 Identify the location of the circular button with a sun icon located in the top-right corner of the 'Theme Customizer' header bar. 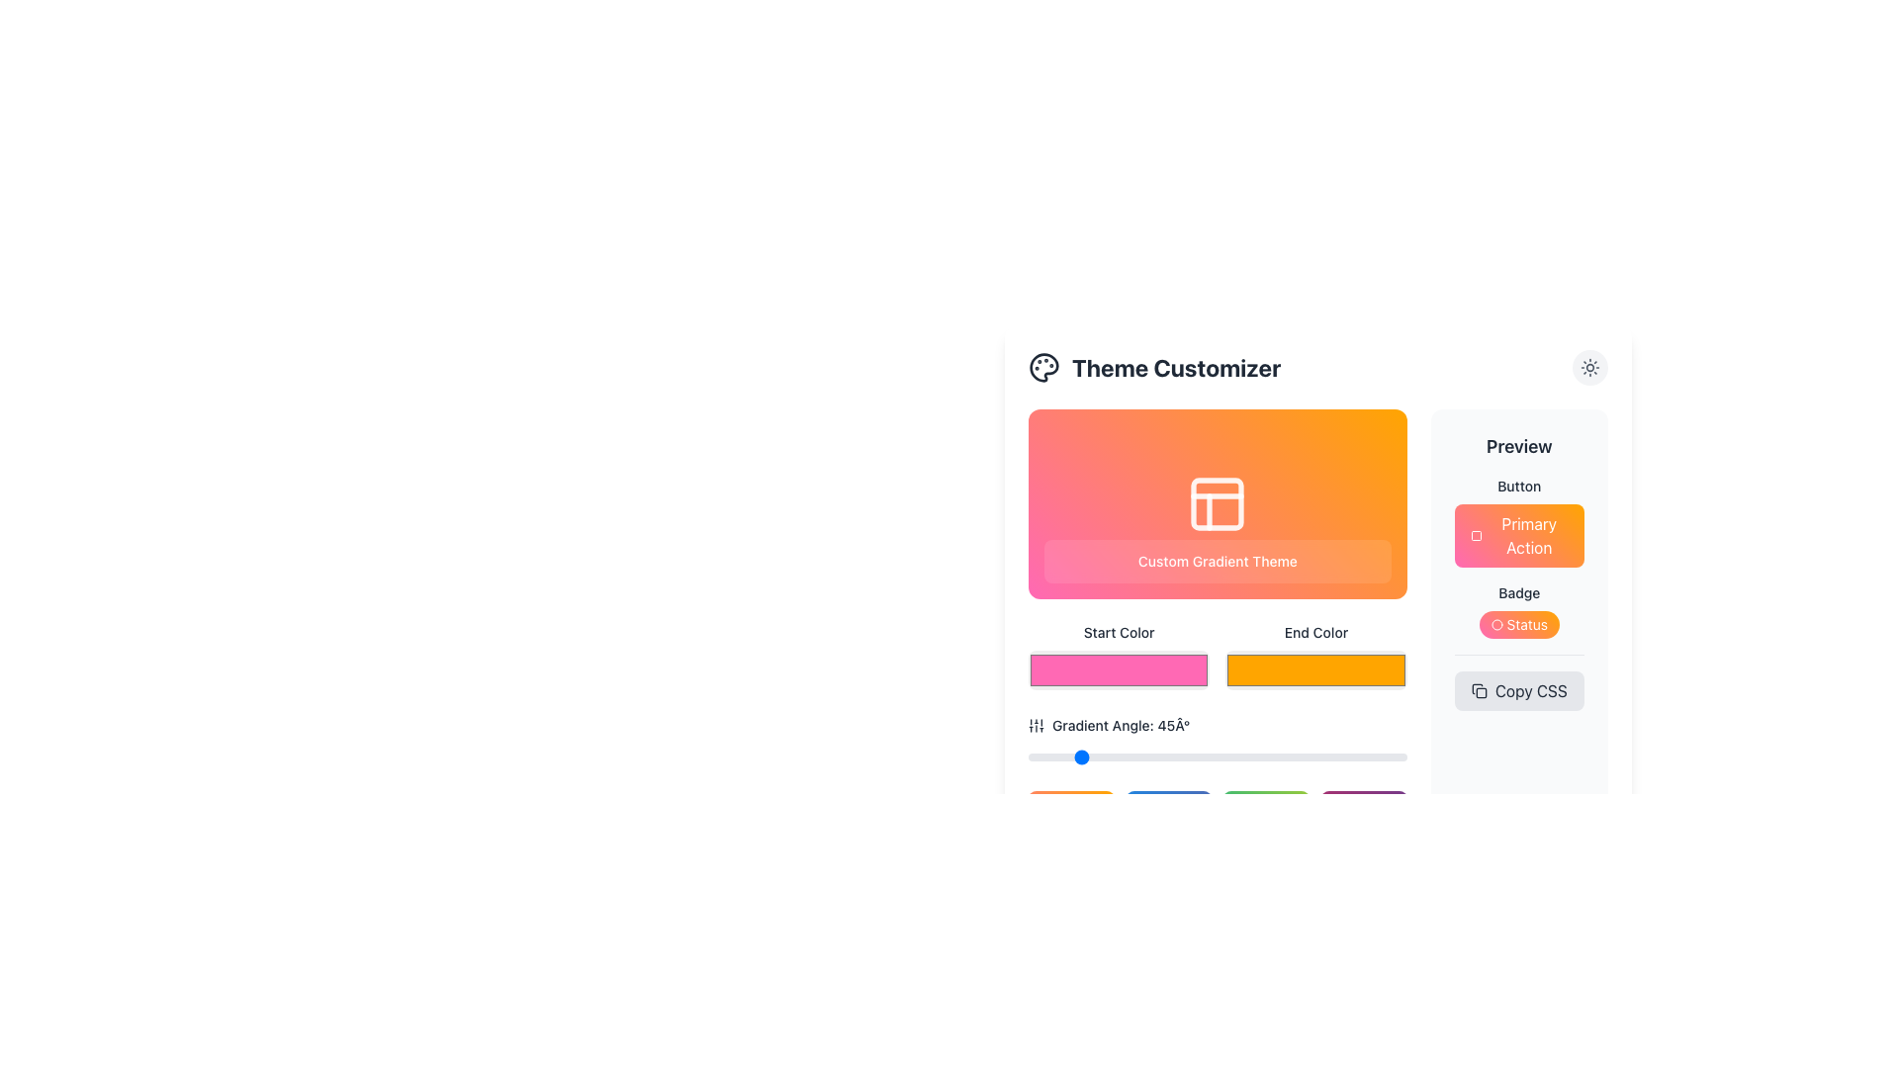
(1590, 367).